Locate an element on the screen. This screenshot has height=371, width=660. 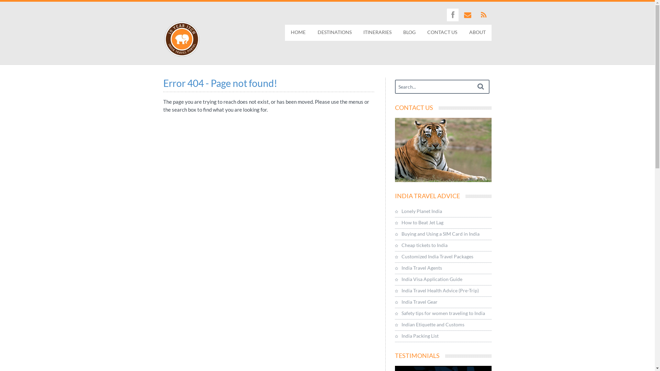
'Indian Etiquette and Customs' is located at coordinates (395, 325).